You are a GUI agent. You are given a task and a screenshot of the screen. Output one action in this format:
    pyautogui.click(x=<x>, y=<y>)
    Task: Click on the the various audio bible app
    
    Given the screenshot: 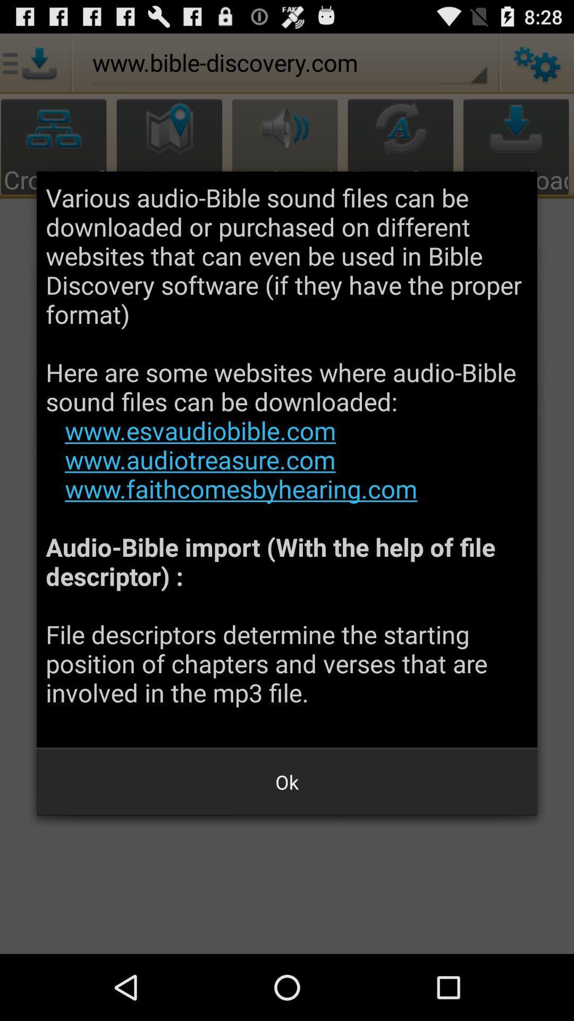 What is the action you would take?
    pyautogui.click(x=287, y=459)
    